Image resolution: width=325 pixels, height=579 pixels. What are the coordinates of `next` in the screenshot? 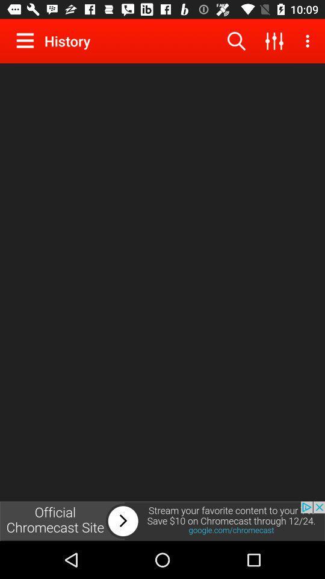 It's located at (162, 520).